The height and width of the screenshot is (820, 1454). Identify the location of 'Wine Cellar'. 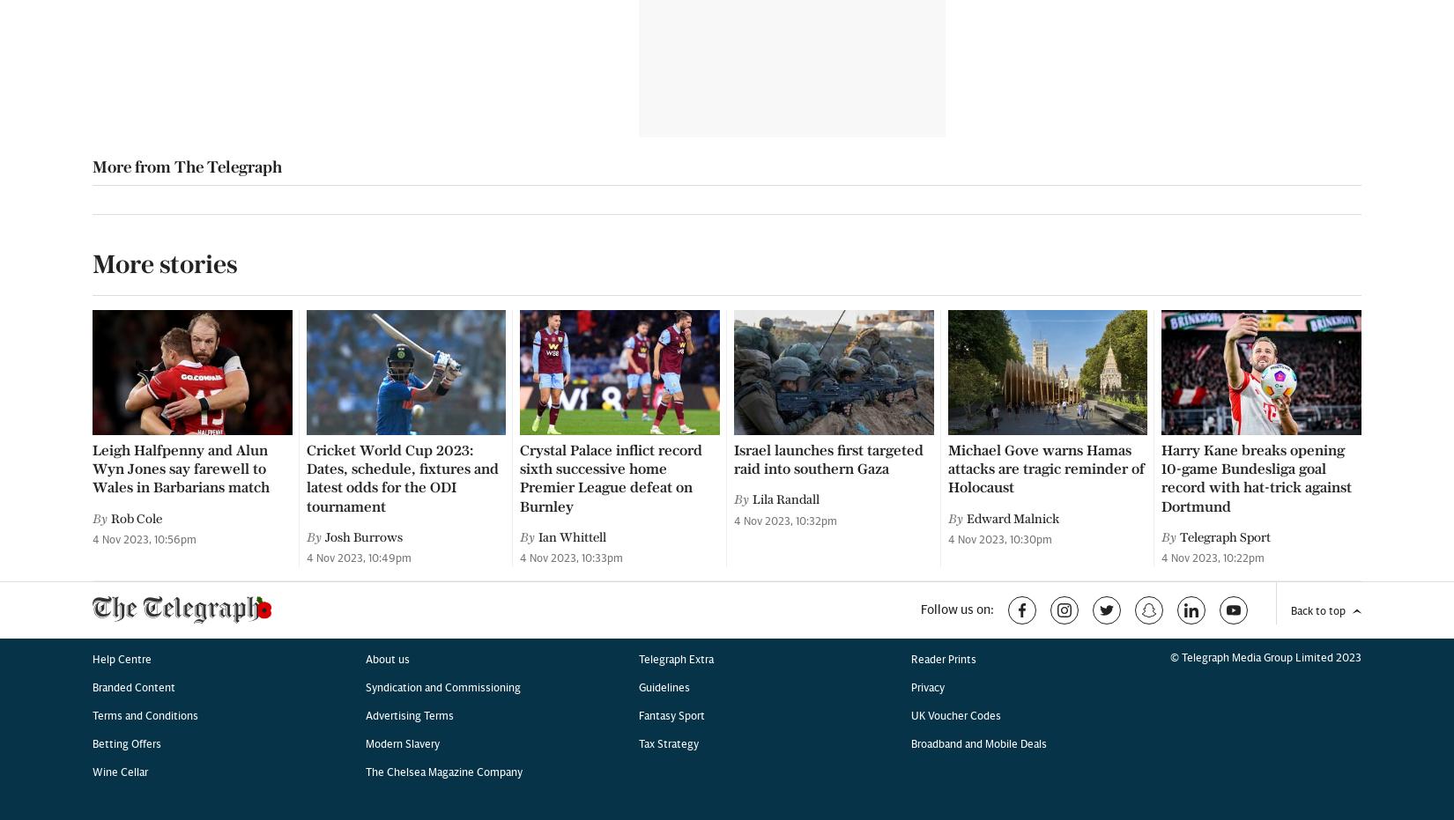
(120, 100).